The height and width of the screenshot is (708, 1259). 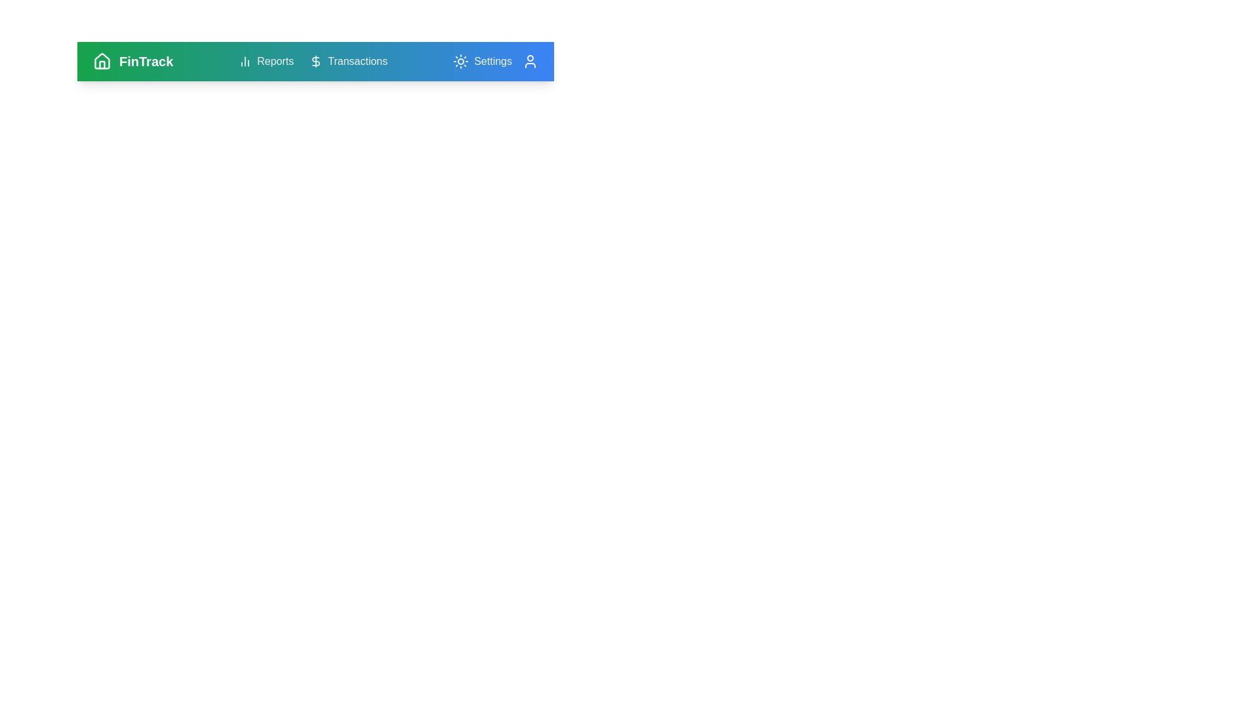 What do you see at coordinates (266, 61) in the screenshot?
I see `the Reports button to navigate to the Reports section` at bounding box center [266, 61].